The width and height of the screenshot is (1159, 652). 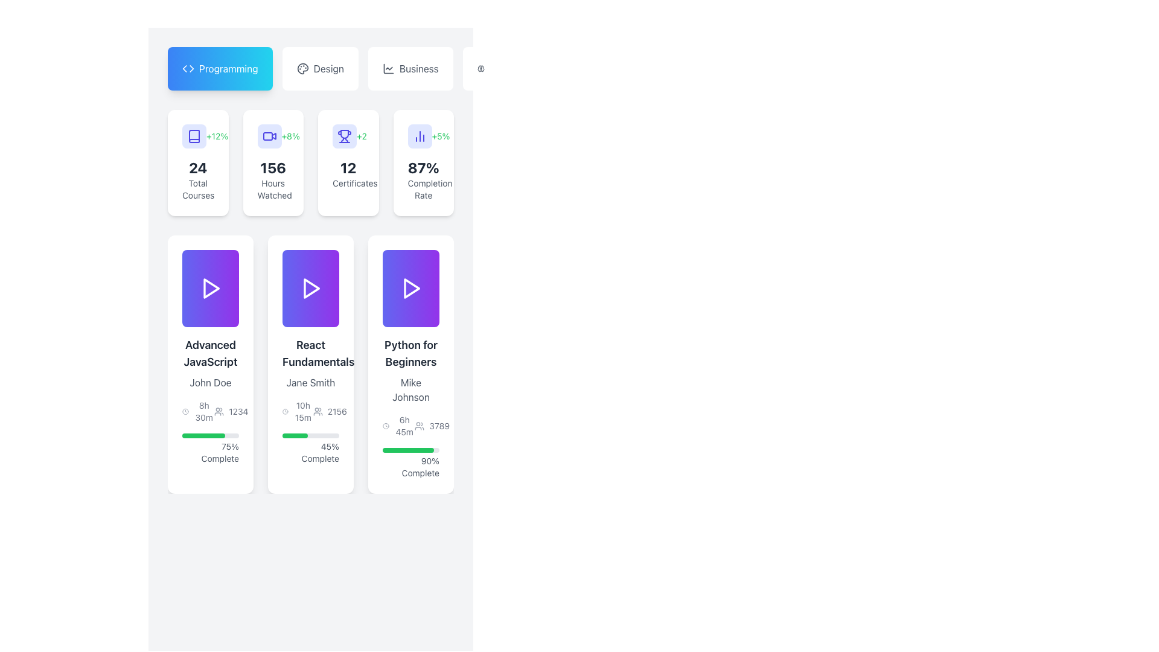 I want to click on the inner green segment of the progress bar for the course 'Python for Beginners' to trigger any tooltips, so click(x=408, y=450).